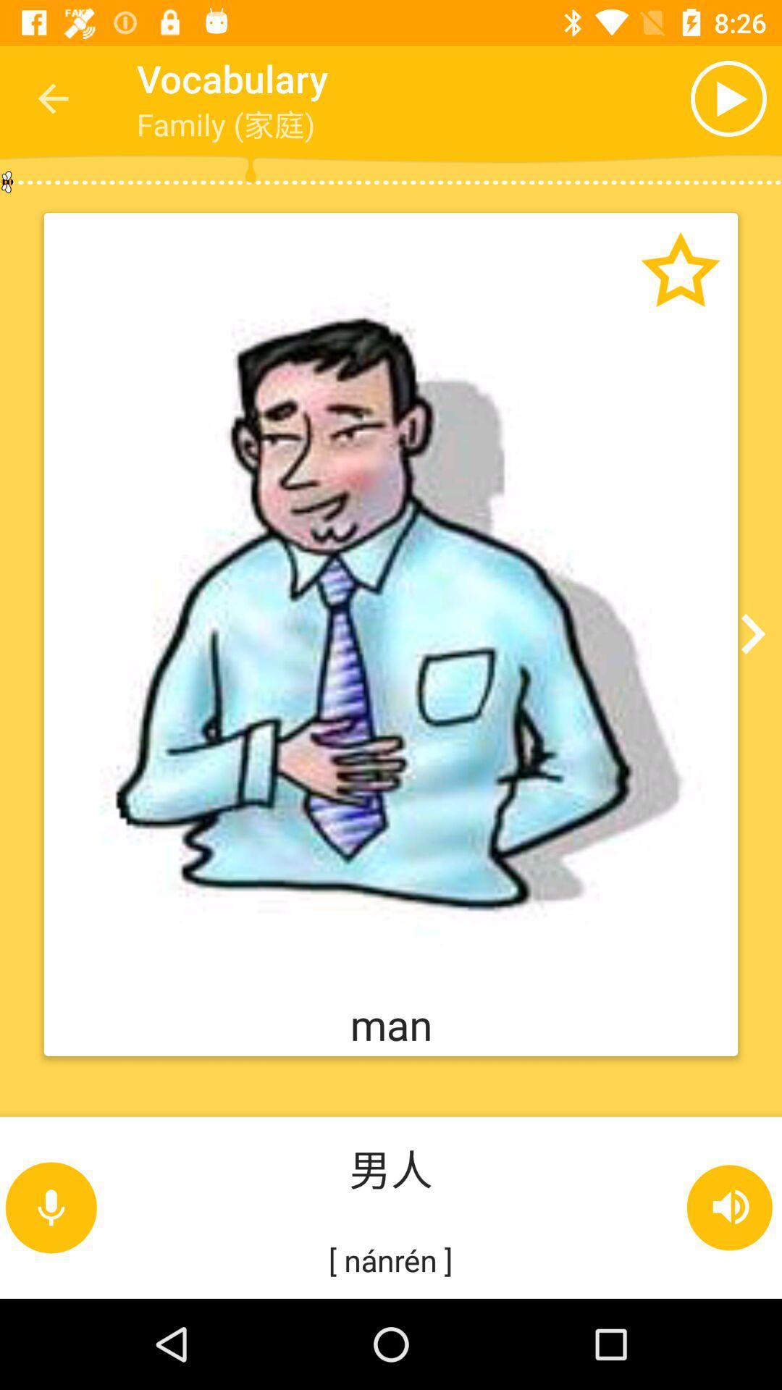 This screenshot has width=782, height=1390. Describe the element at coordinates (731, 1208) in the screenshot. I see `the volume icon` at that location.